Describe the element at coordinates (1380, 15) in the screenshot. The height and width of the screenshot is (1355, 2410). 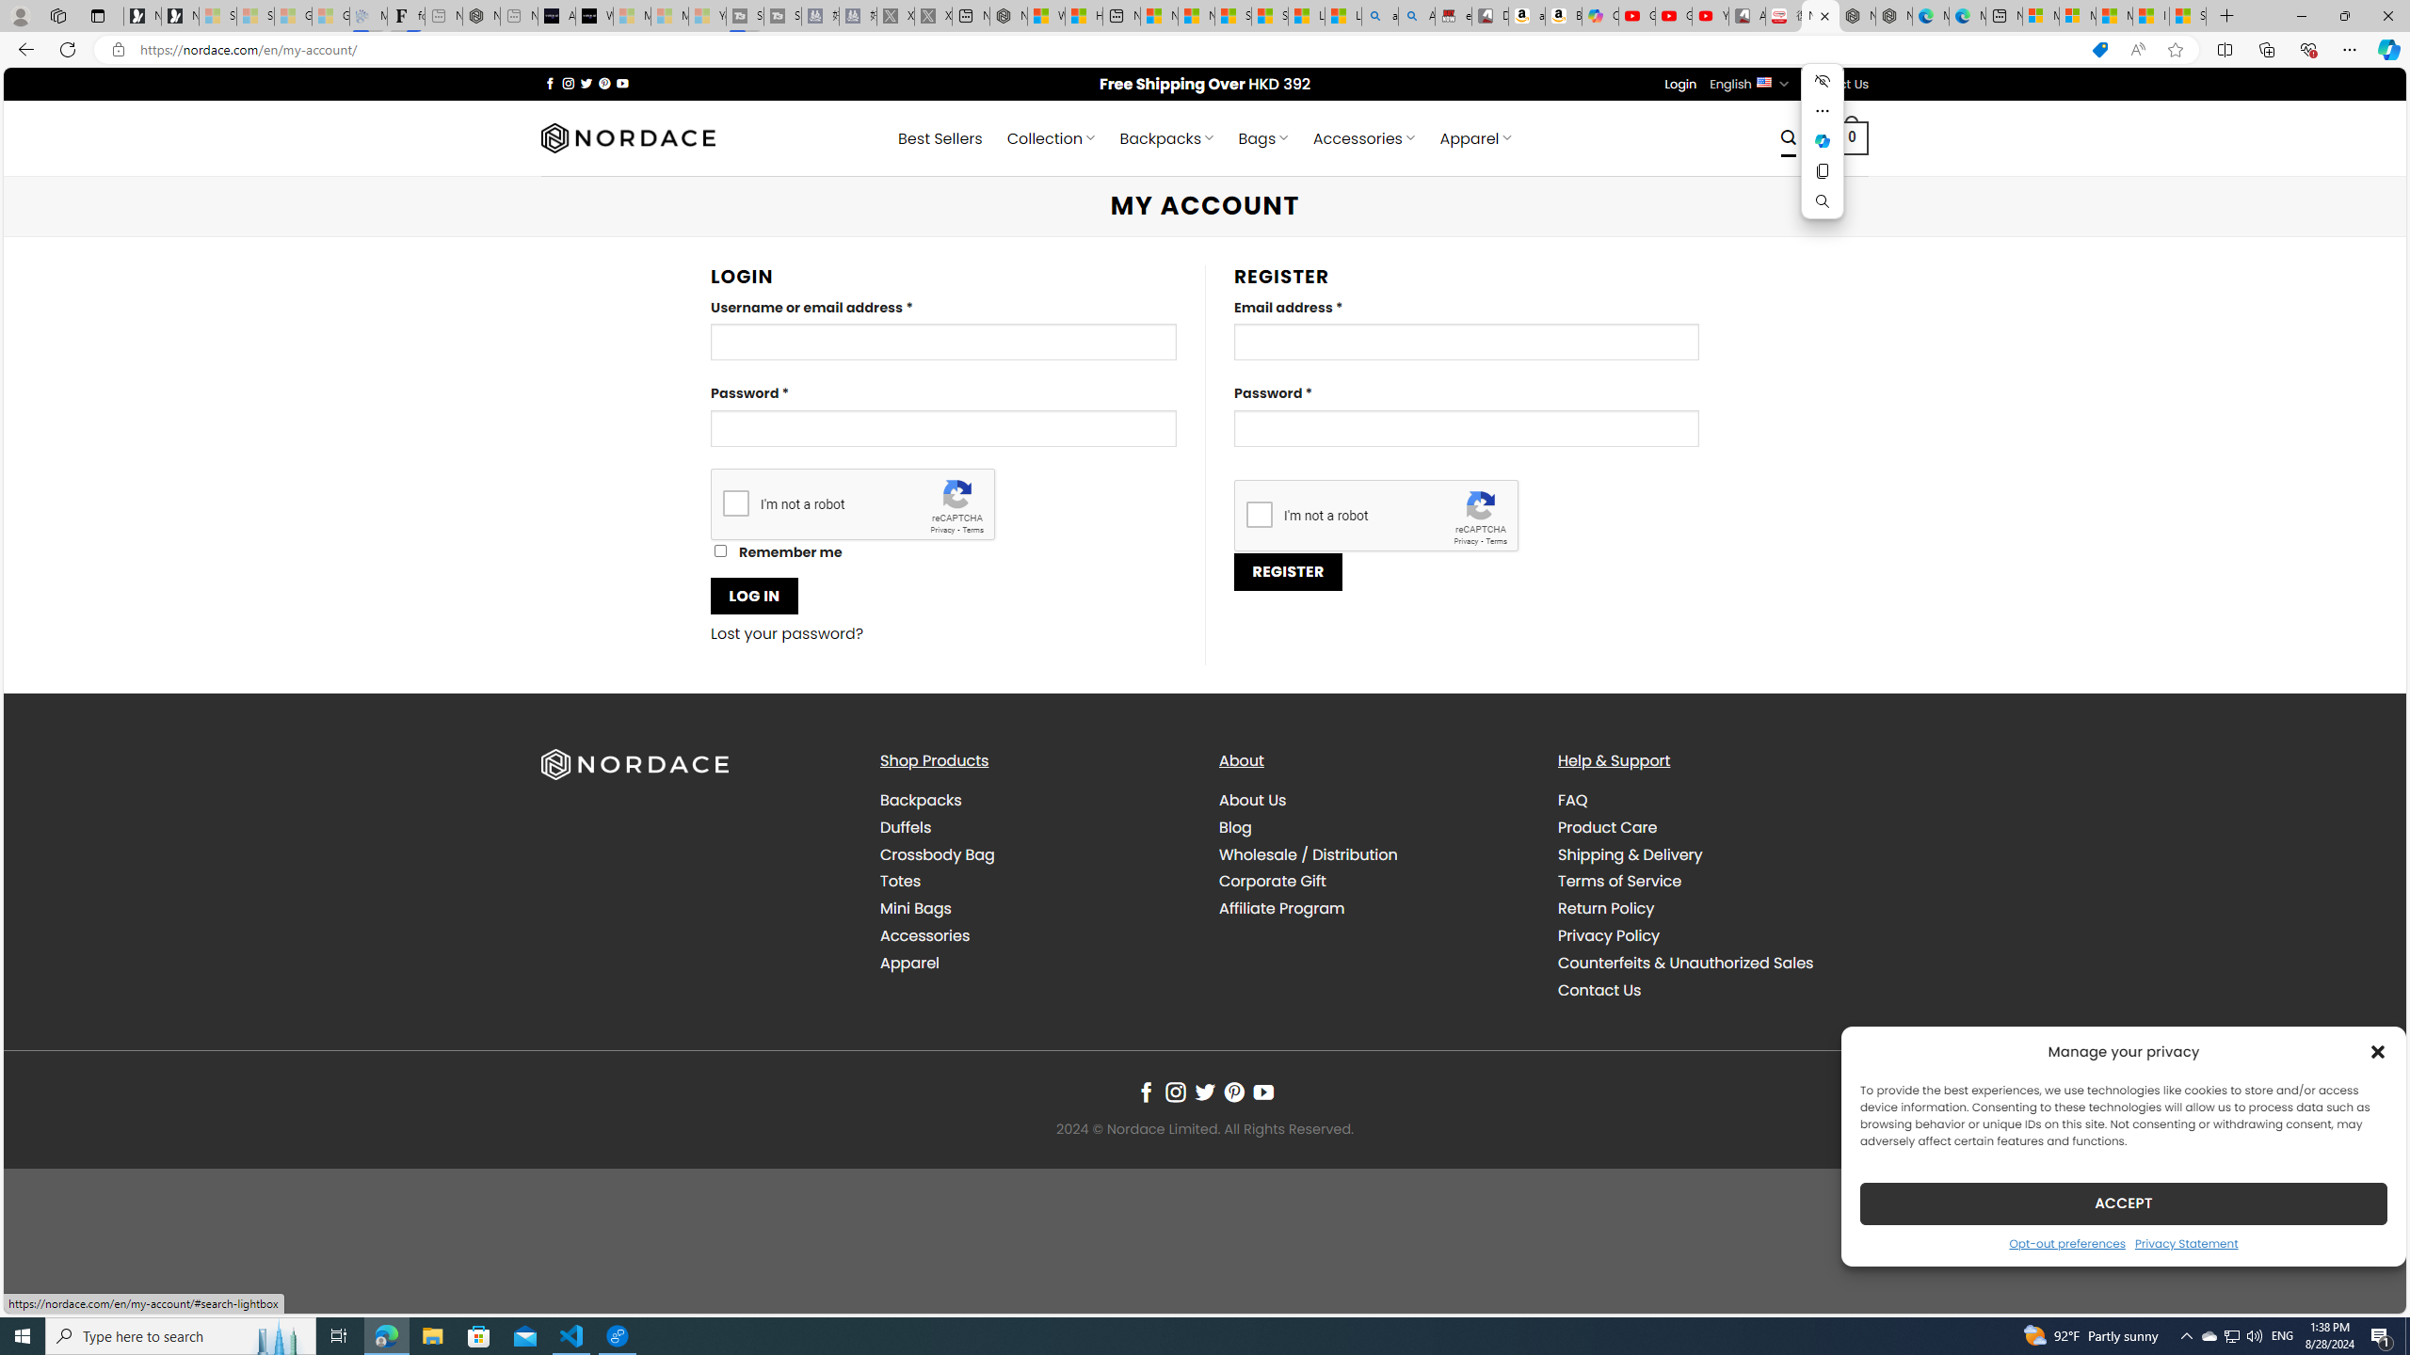
I see `'amazon - Search'` at that location.